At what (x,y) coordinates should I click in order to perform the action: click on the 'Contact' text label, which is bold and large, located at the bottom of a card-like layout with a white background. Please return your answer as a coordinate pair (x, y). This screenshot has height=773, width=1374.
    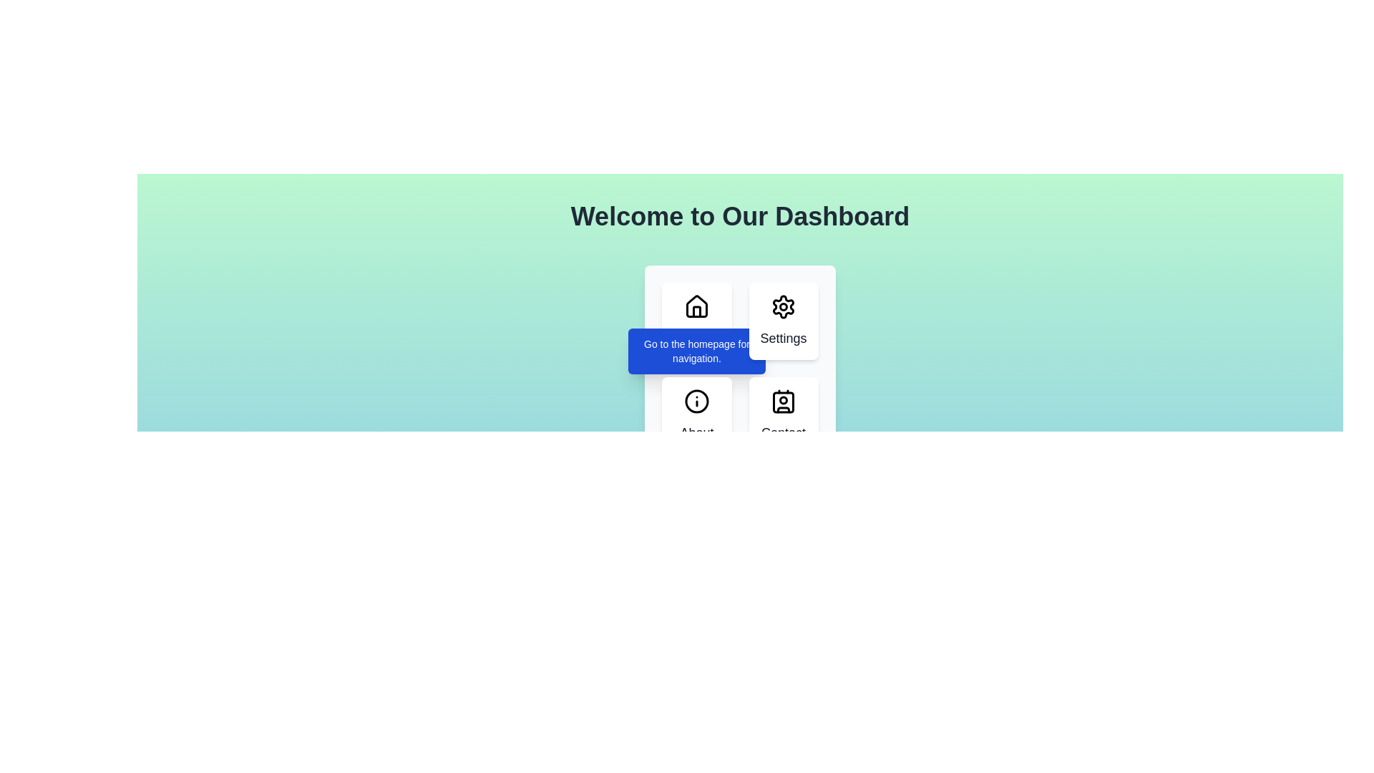
    Looking at the image, I should click on (782, 432).